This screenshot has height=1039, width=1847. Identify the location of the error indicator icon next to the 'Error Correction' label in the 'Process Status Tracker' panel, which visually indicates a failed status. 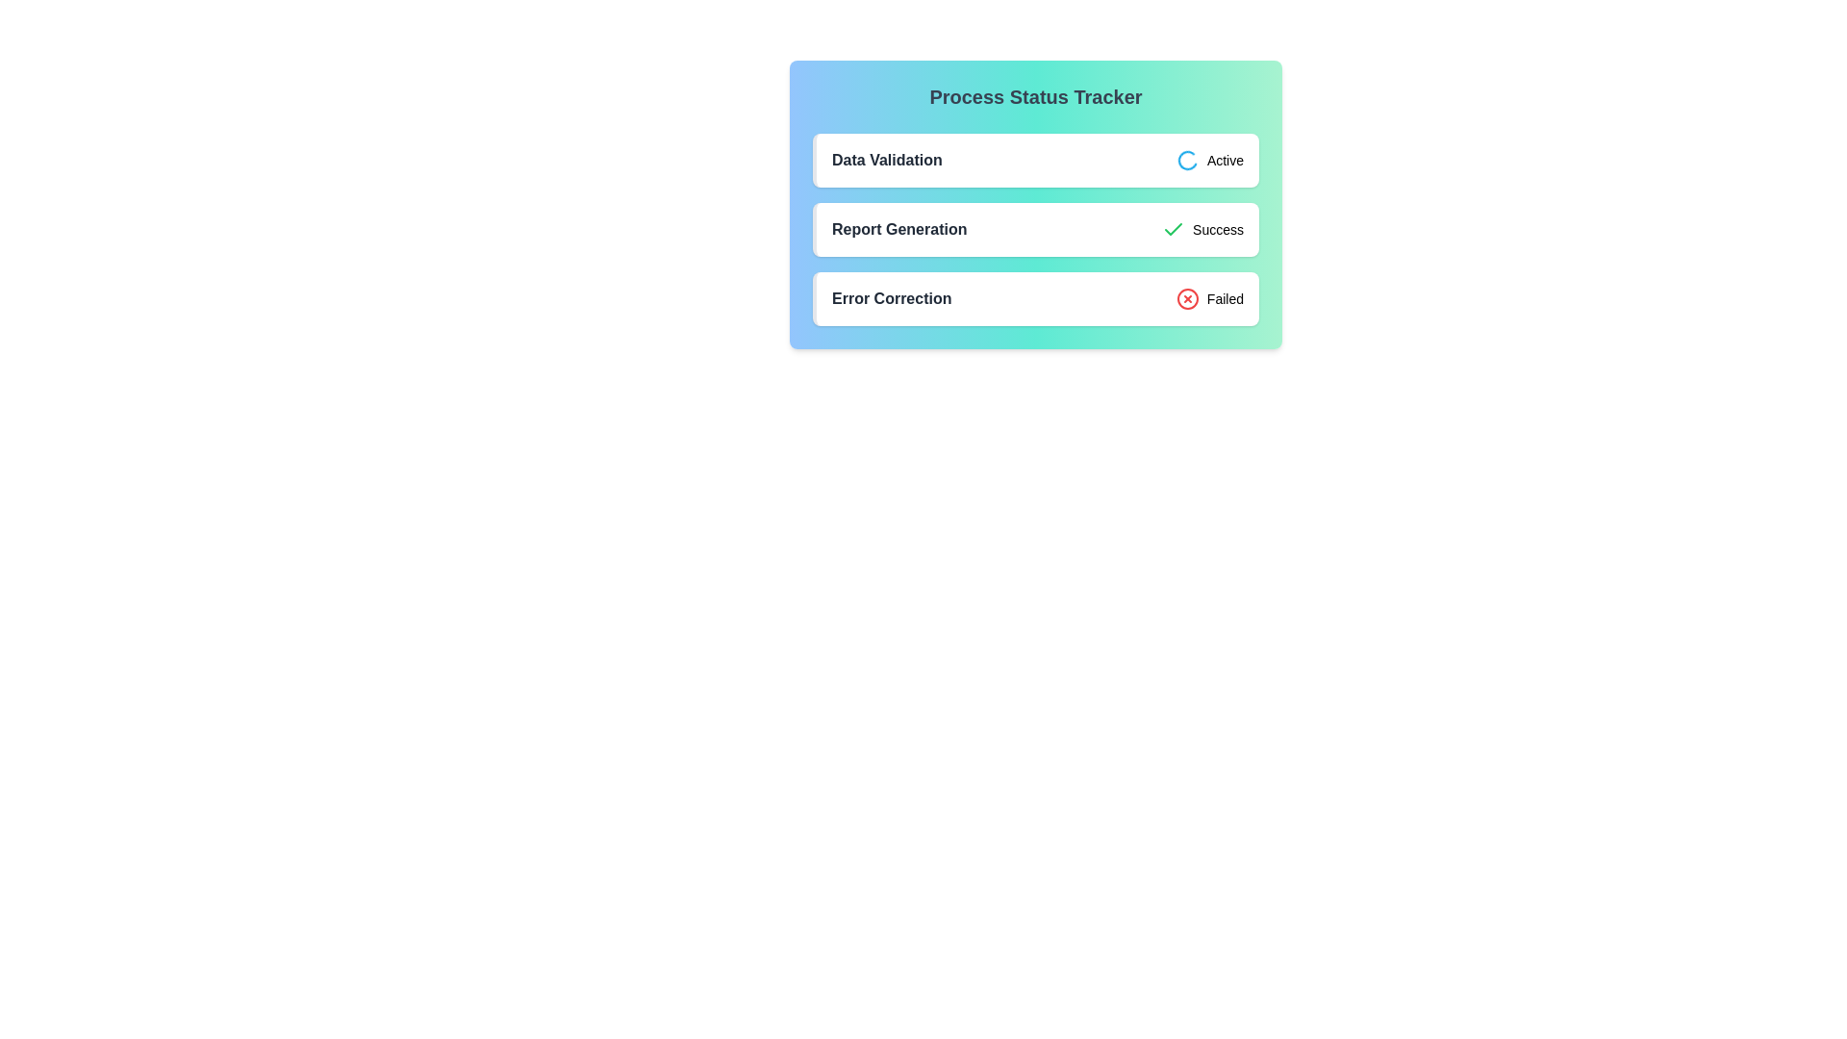
(1186, 299).